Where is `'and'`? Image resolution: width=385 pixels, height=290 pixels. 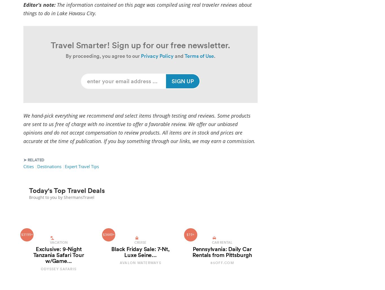
'and' is located at coordinates (178, 56).